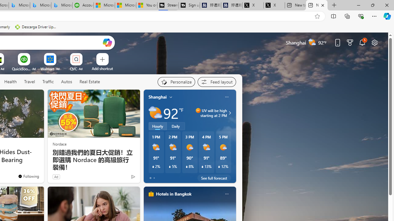 This screenshot has height=221, width=394. Describe the element at coordinates (362, 42) in the screenshot. I see `'Notifications'` at that location.